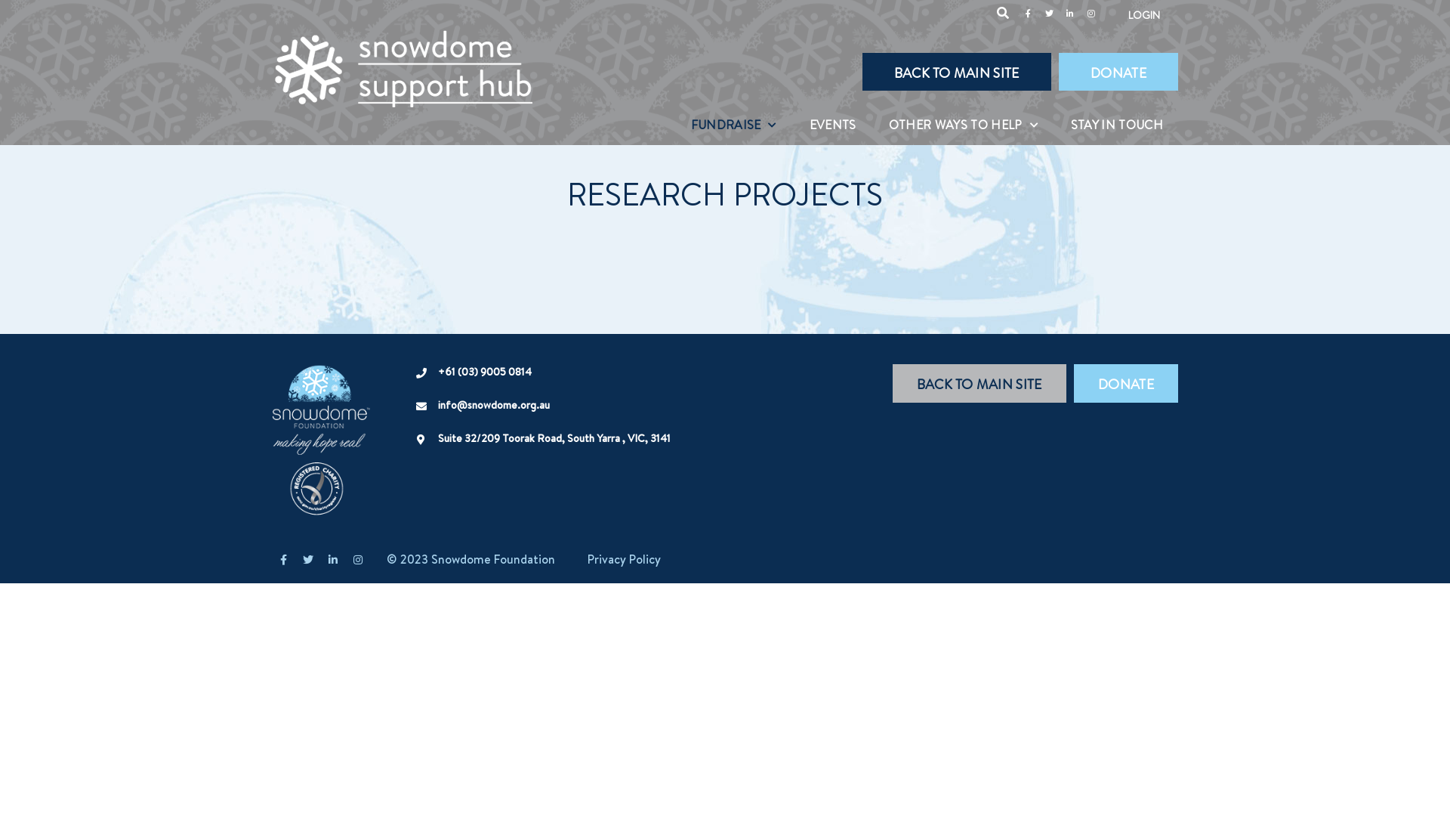 This screenshot has height=816, width=1450. What do you see at coordinates (733, 124) in the screenshot?
I see `'FUNDRAISE'` at bounding box center [733, 124].